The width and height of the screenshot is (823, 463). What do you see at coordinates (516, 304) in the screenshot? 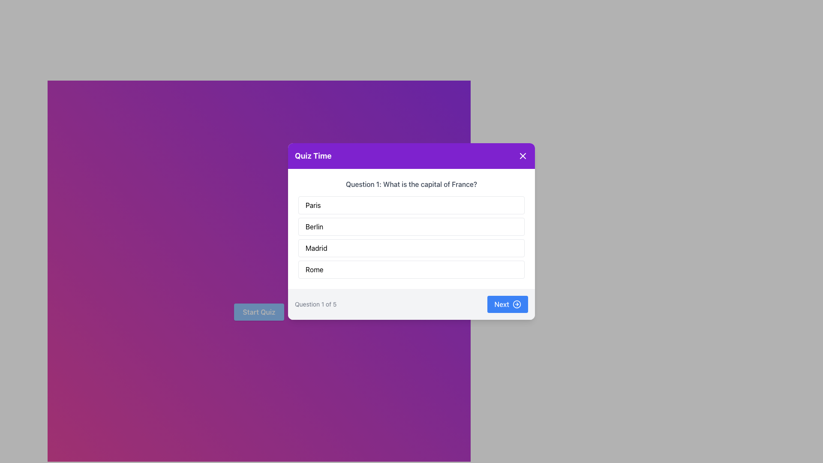
I see `the right-facing circular arrow icon with a white outline and blue background inside the 'Next' button to proceed to the next question` at bounding box center [516, 304].